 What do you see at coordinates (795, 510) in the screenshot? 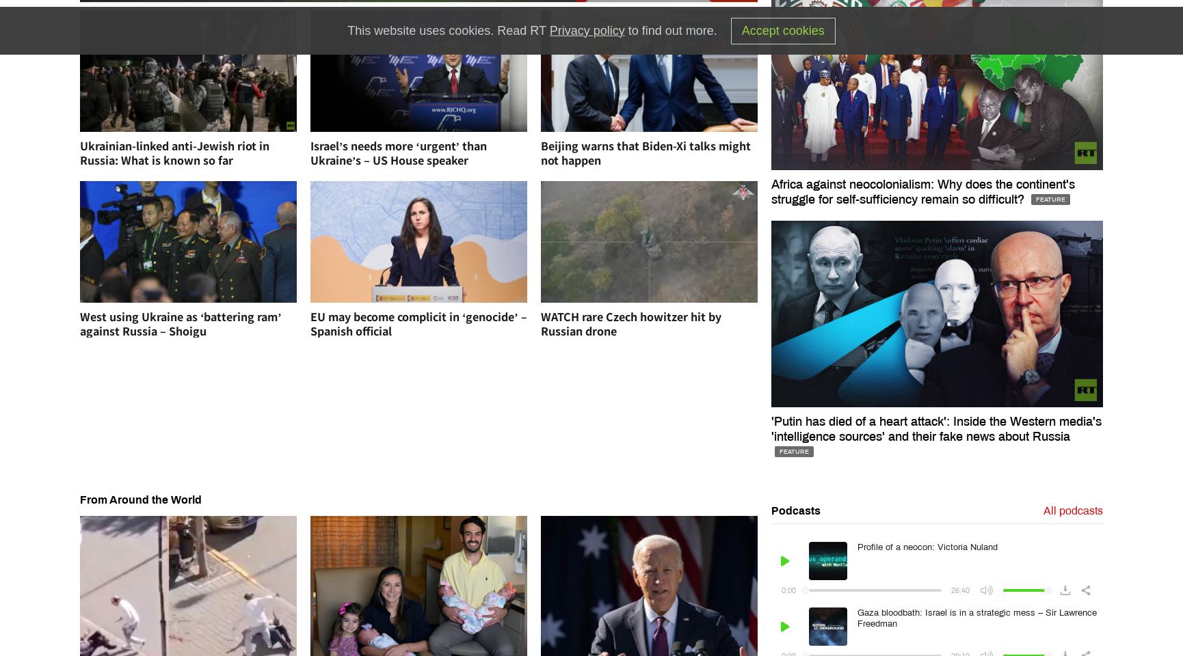
I see `'Podcasts'` at bounding box center [795, 510].